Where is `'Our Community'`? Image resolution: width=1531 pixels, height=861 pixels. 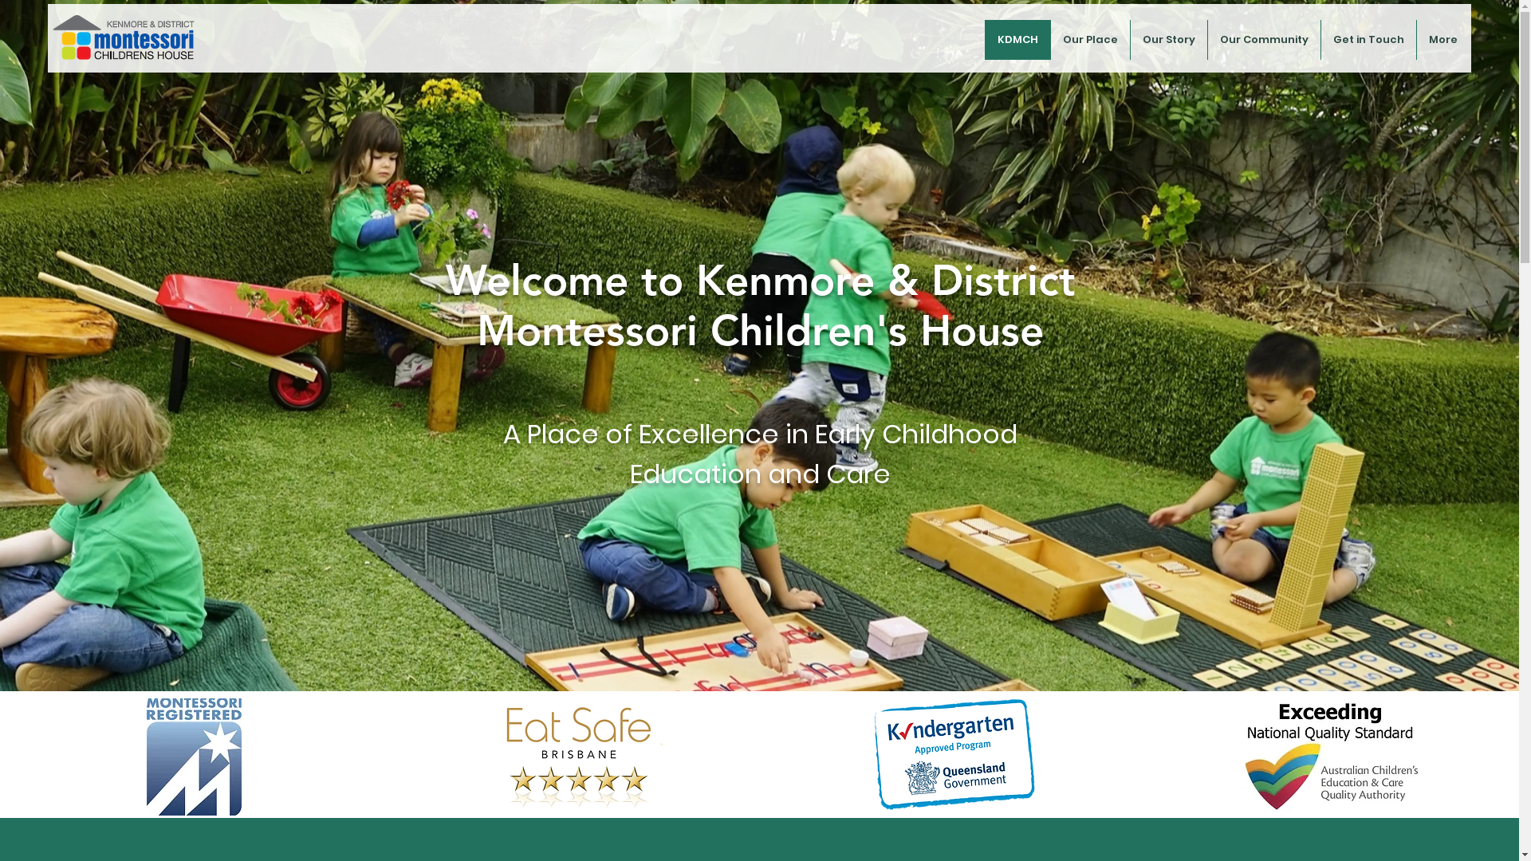
'Our Community' is located at coordinates (1262, 39).